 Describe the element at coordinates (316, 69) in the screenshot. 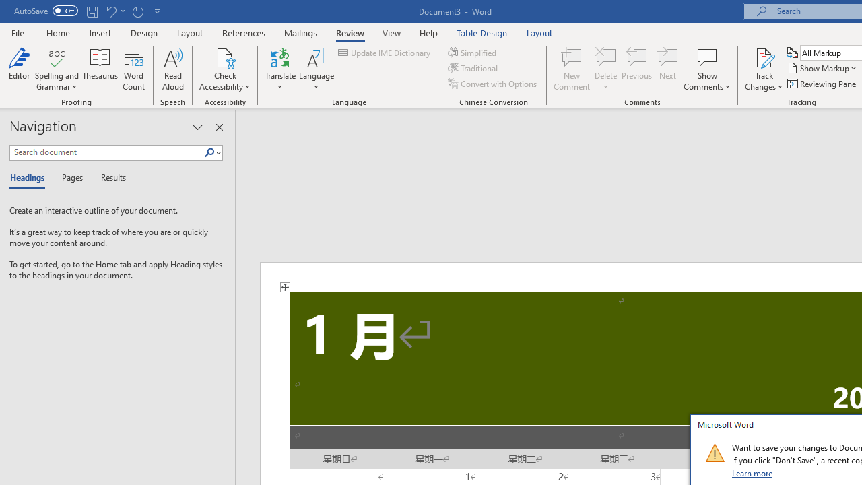

I see `'Language'` at that location.